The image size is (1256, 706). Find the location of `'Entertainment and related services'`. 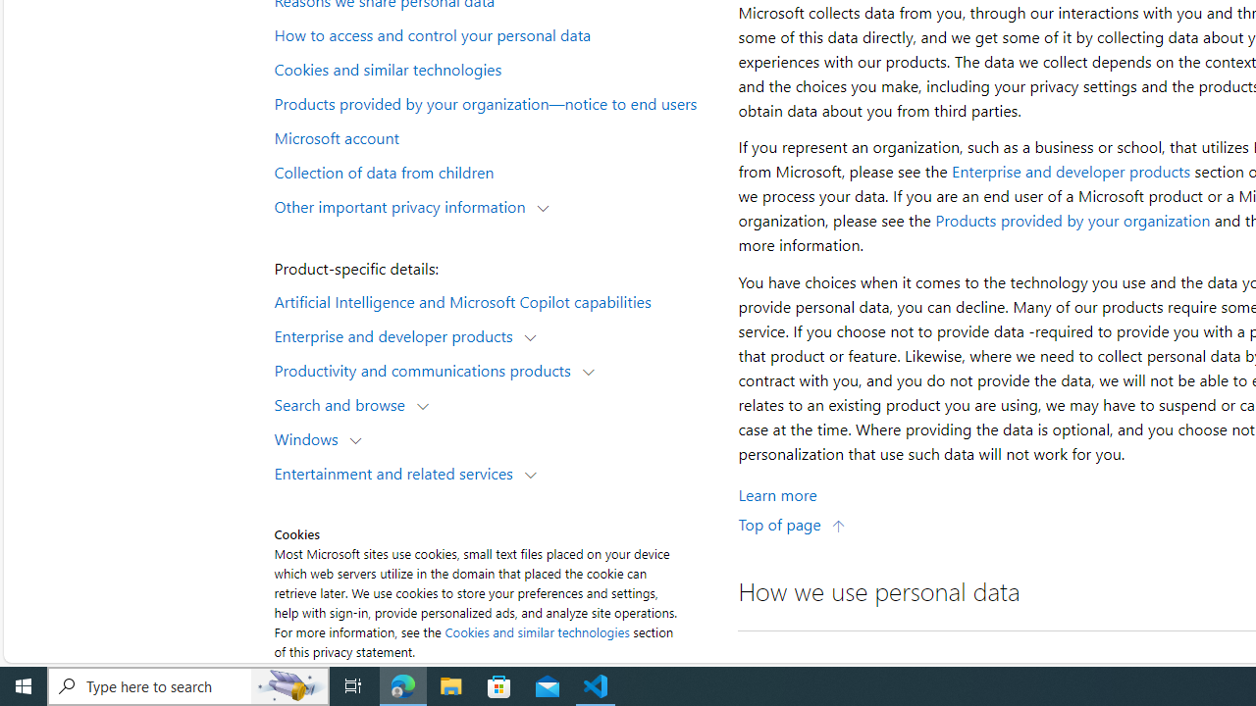

'Entertainment and related services' is located at coordinates (396, 473).